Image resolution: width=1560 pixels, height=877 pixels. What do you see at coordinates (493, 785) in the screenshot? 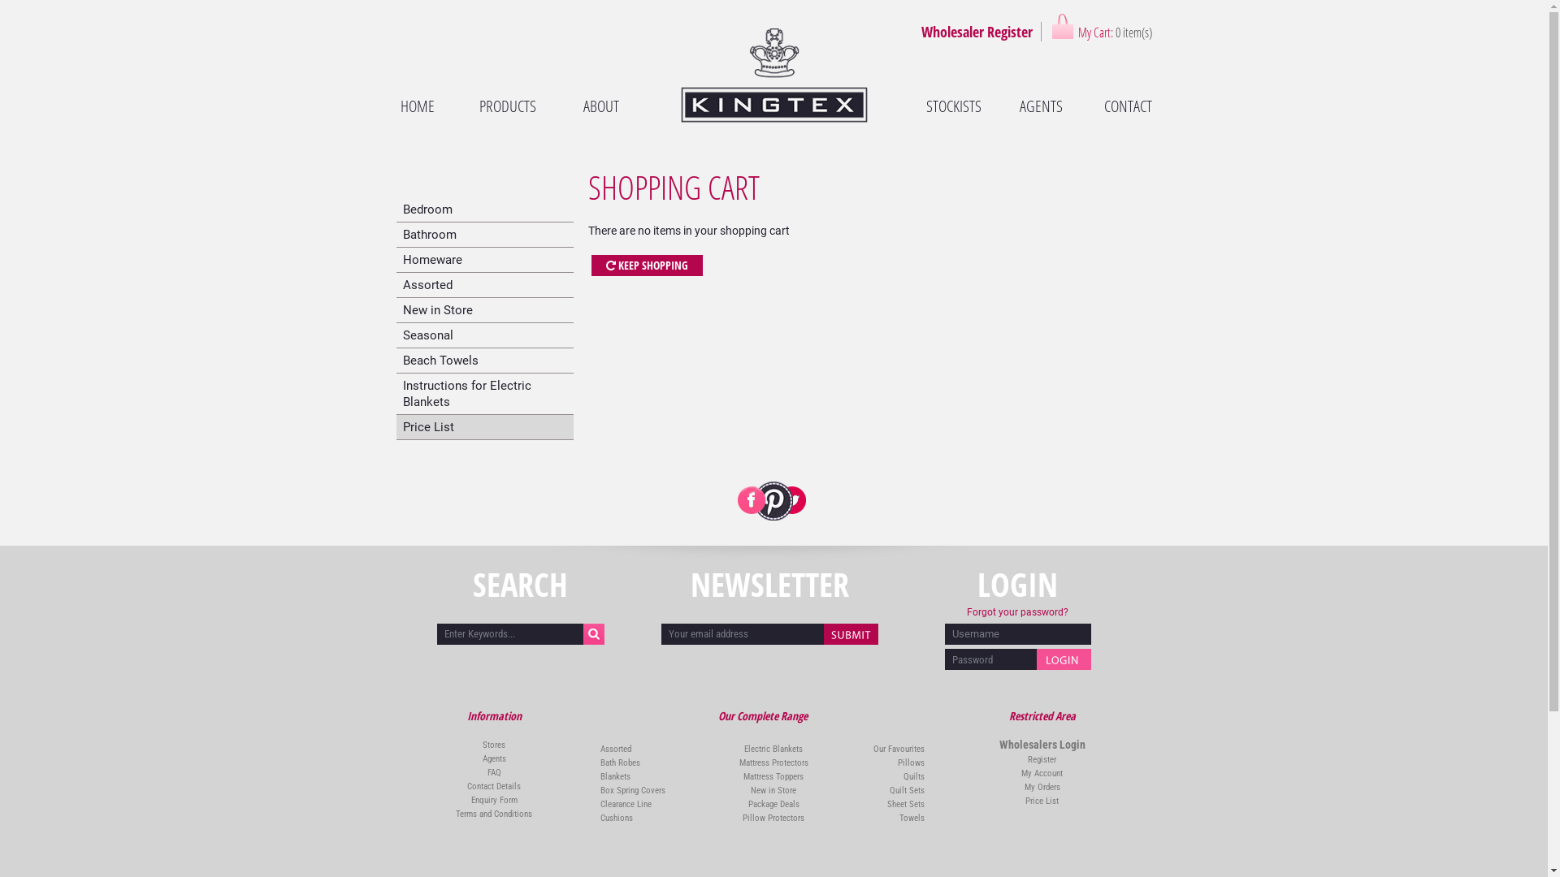
I see `'Contact Details'` at bounding box center [493, 785].